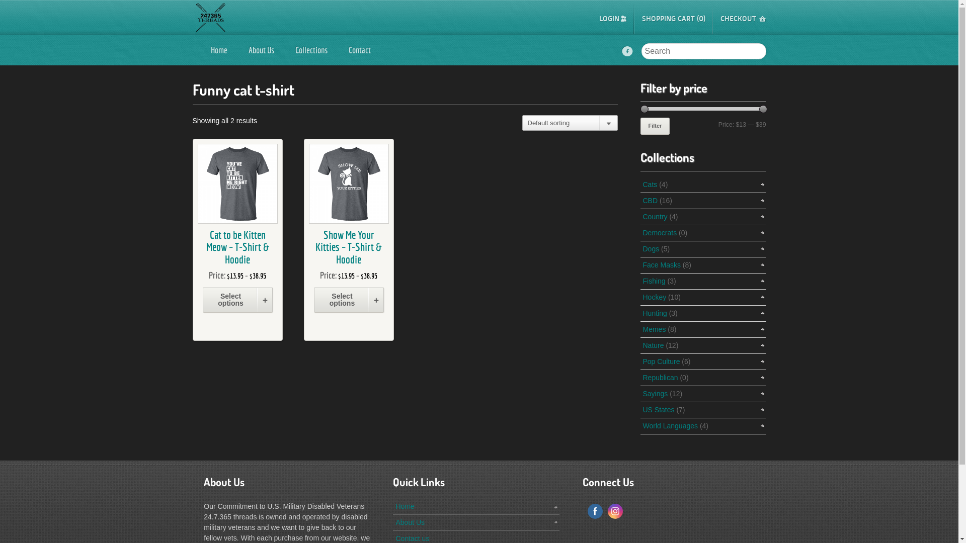 This screenshot has height=543, width=966. Describe the element at coordinates (655, 296) in the screenshot. I see `'Hockey'` at that location.